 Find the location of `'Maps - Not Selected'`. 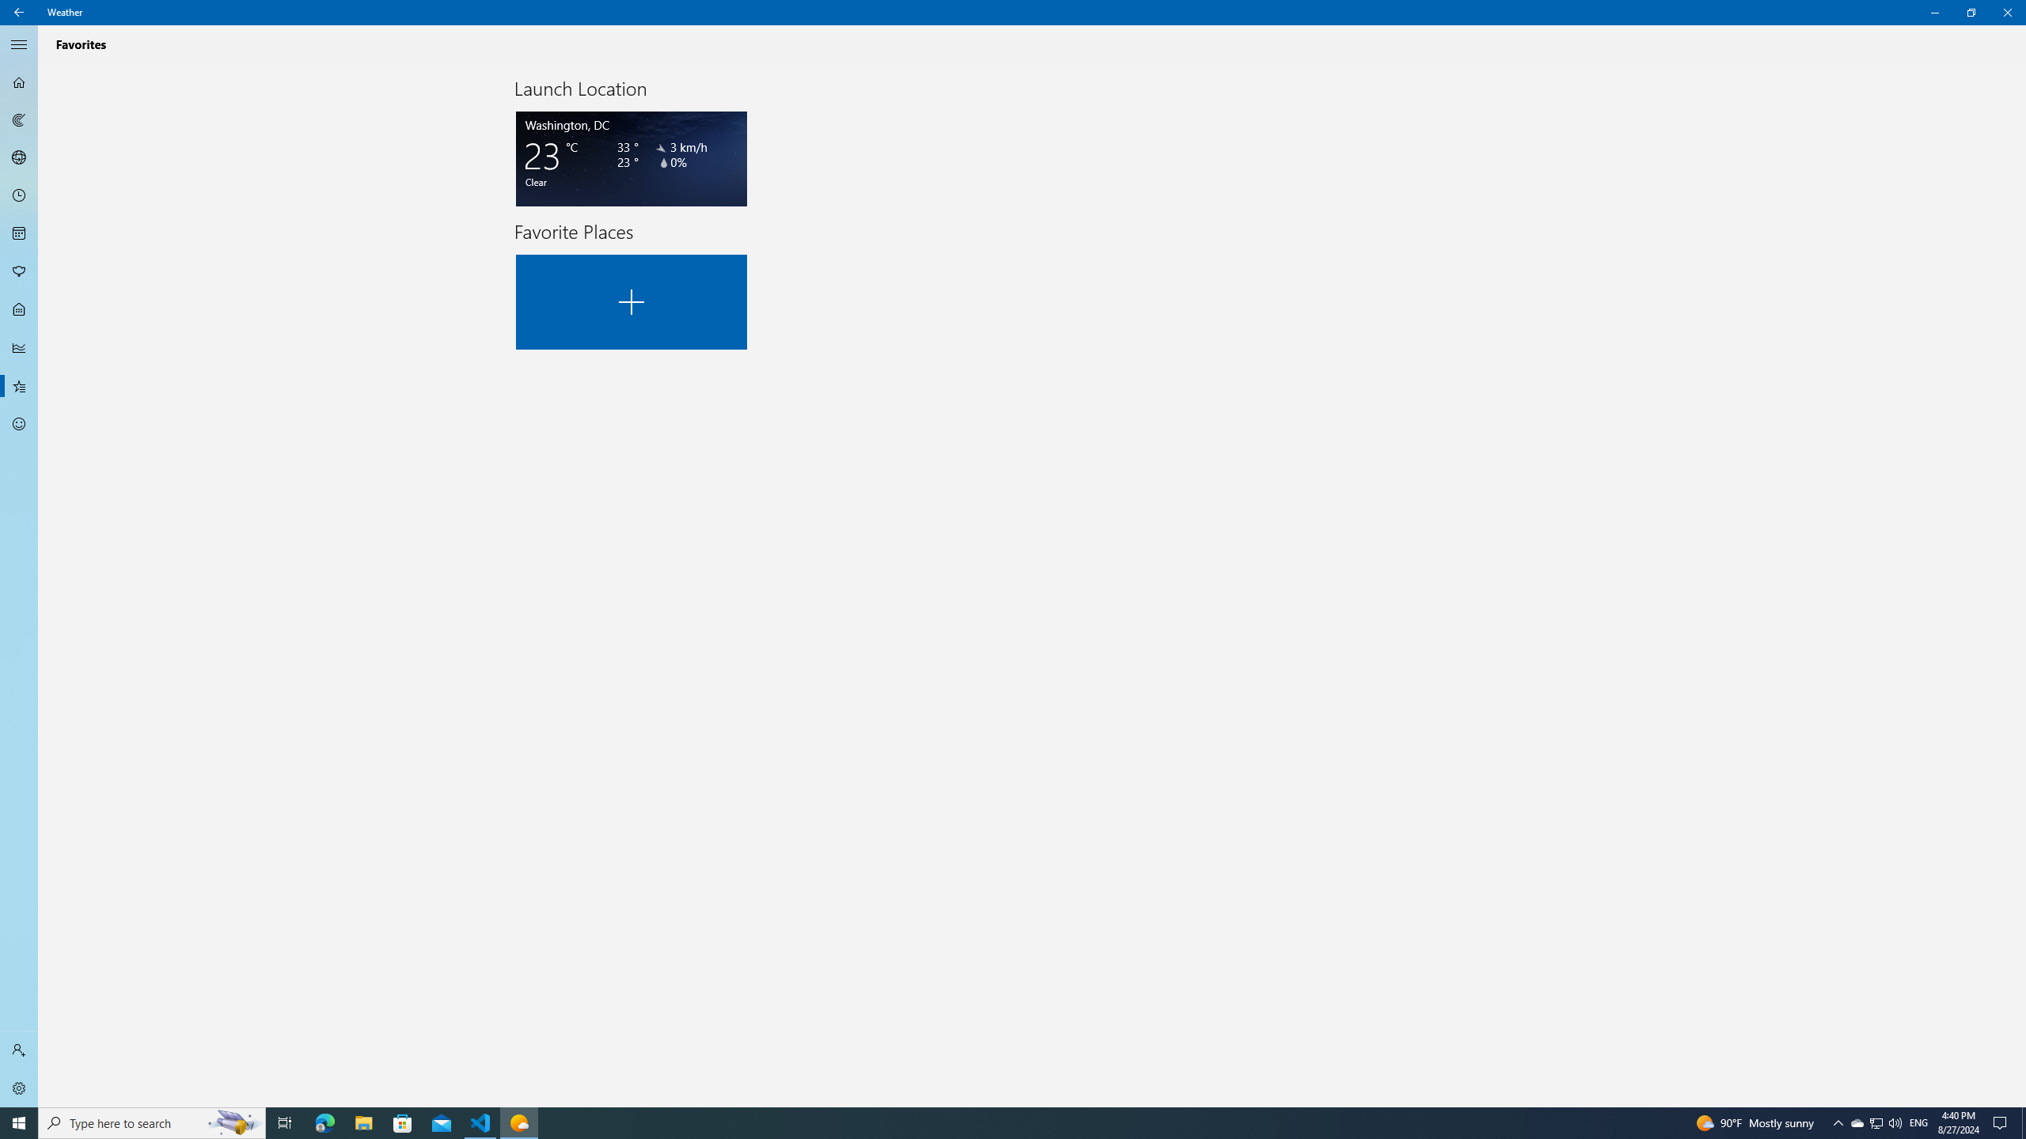

'Maps - Not Selected' is located at coordinates (19, 119).